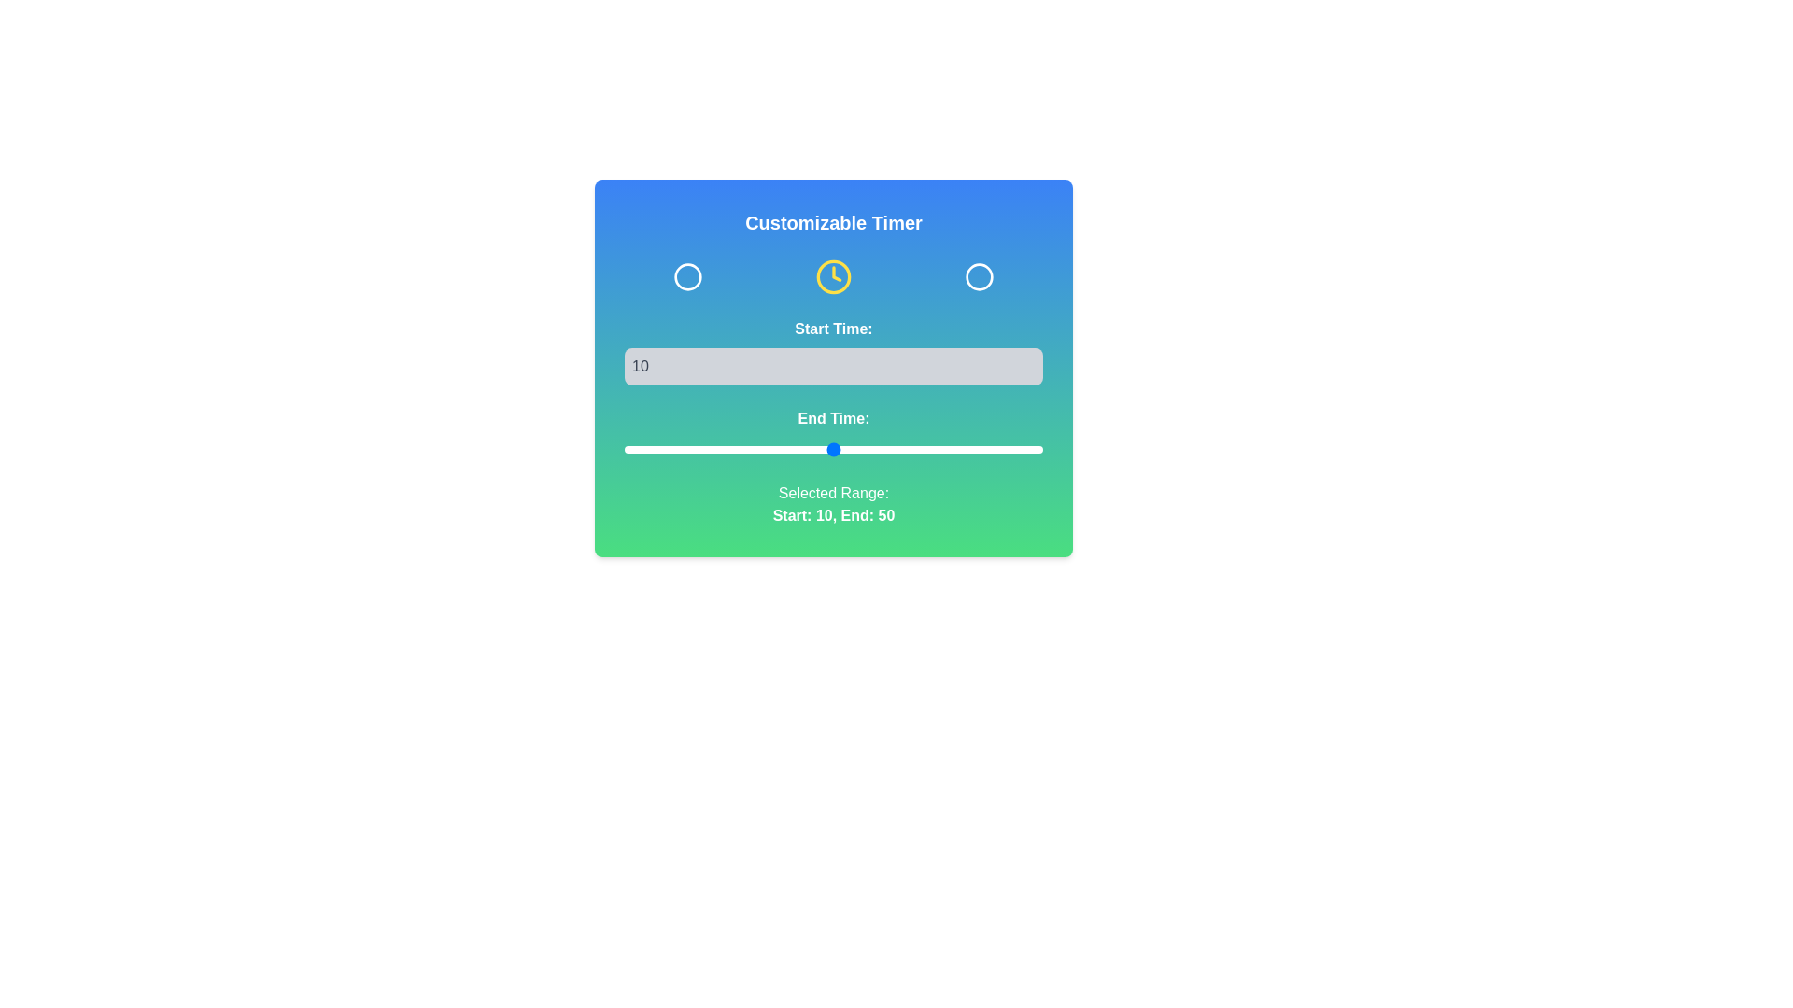  Describe the element at coordinates (687, 277) in the screenshot. I see `the leftmost circular icon in the set of three icons below the title 'Customizable Timer'` at that location.